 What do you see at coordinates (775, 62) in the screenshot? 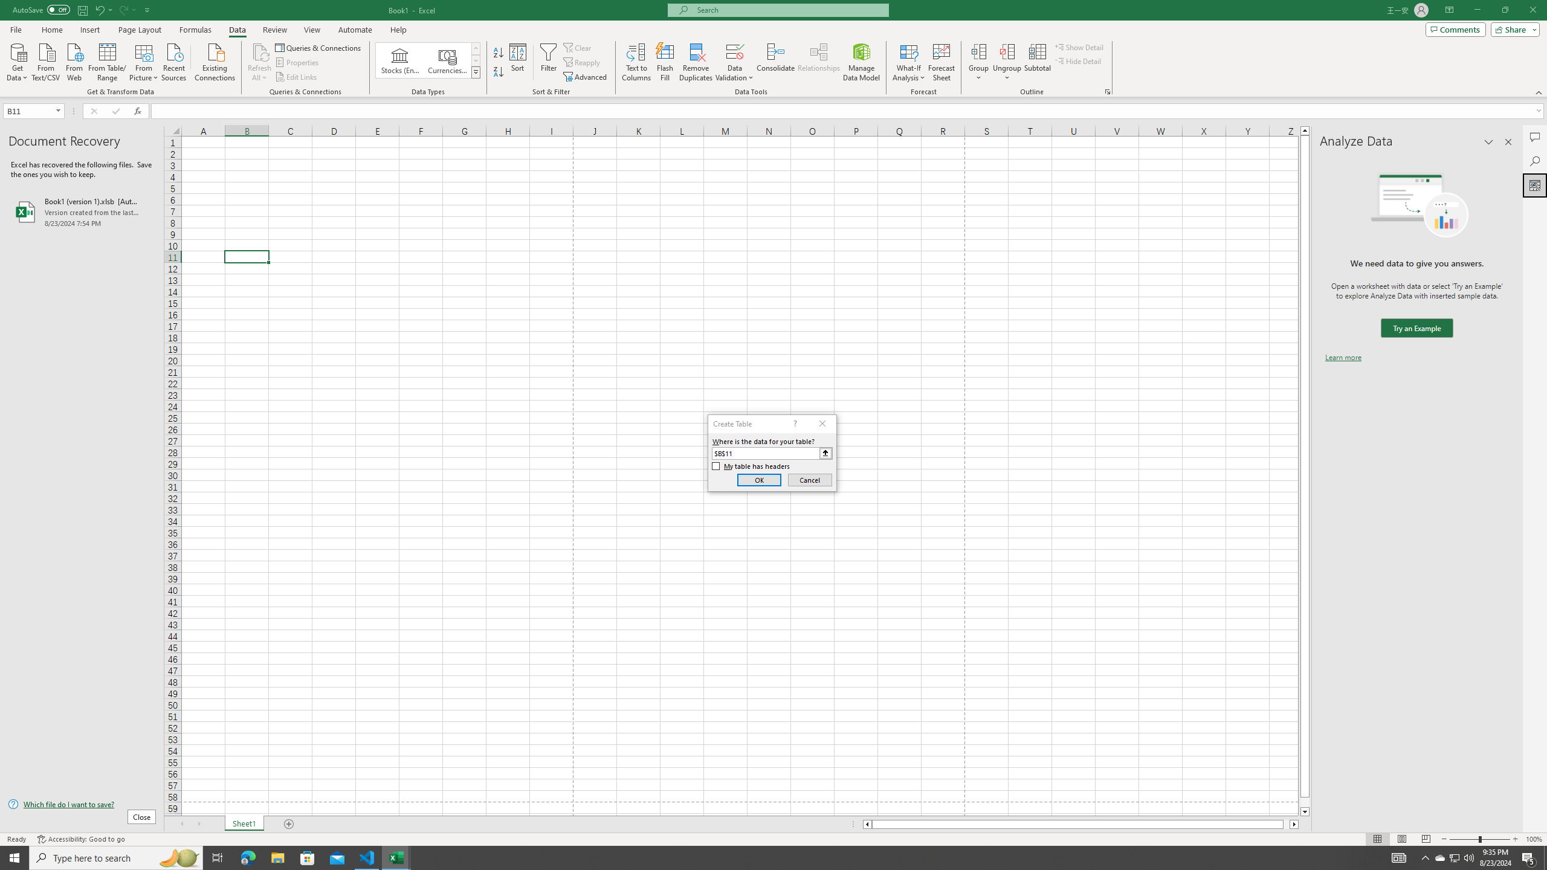
I see `'Consolidate...'` at bounding box center [775, 62].